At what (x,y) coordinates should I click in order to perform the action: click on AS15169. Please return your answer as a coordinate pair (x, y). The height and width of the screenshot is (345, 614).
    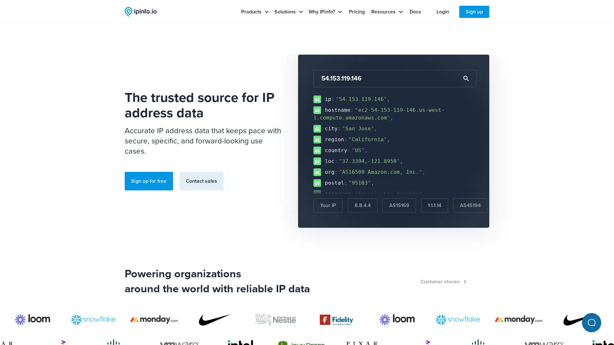
    Looking at the image, I should click on (399, 205).